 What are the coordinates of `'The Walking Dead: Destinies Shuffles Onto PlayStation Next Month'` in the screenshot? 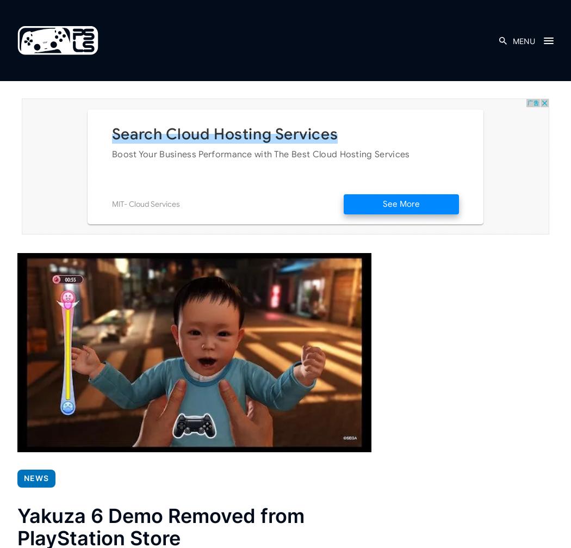 It's located at (212, 336).